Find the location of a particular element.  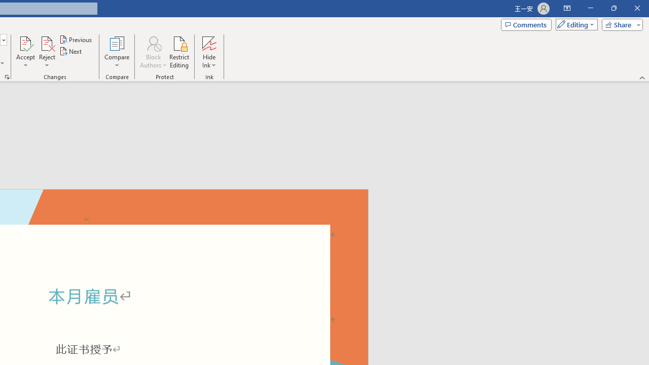

'Minimize' is located at coordinates (590, 8).